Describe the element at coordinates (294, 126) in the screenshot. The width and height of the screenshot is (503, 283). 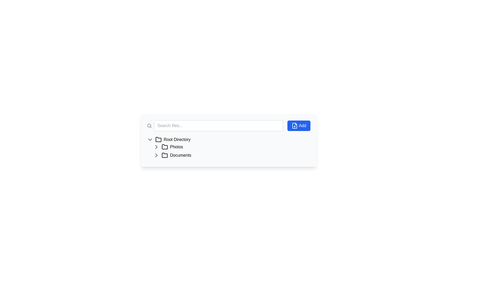
I see `the 'Add' button icon, which is a document with a plus symbol, located in the top-right corner of the file management interface` at that location.